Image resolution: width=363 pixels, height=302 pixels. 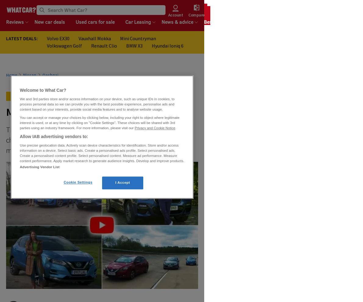 I want to click on 'Compare', so click(x=196, y=15).